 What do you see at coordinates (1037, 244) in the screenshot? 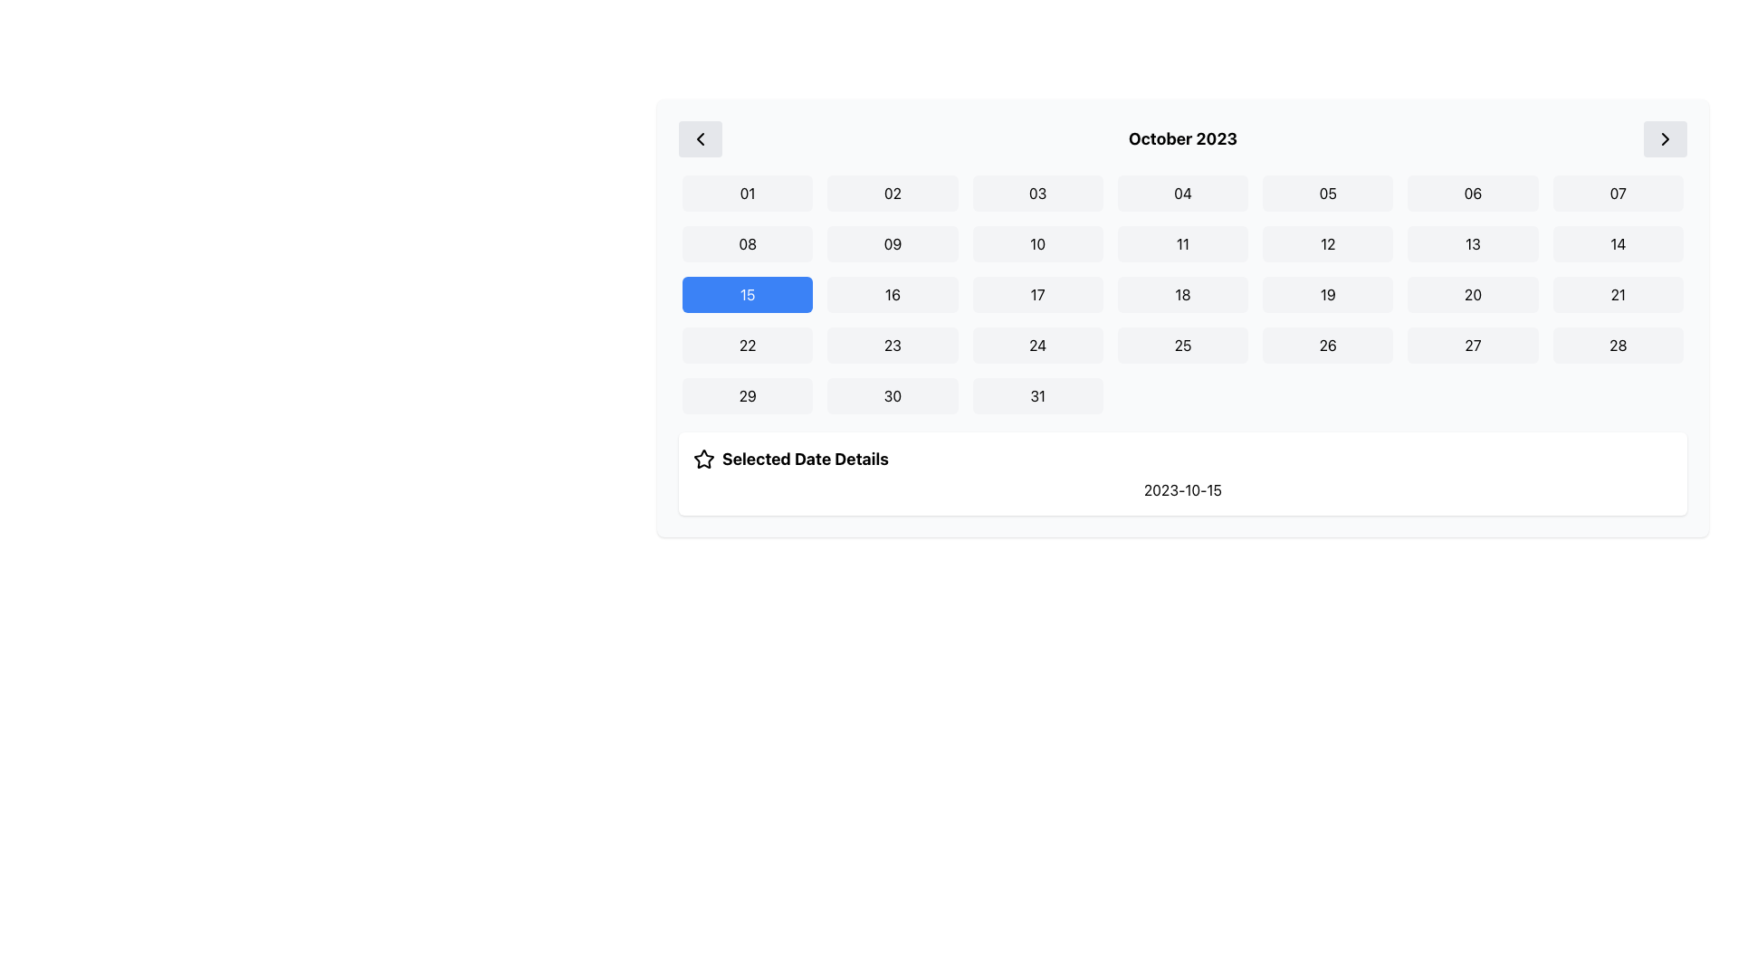
I see `the square button with rounded corners, light gray background, and bold black text '10'` at bounding box center [1037, 244].